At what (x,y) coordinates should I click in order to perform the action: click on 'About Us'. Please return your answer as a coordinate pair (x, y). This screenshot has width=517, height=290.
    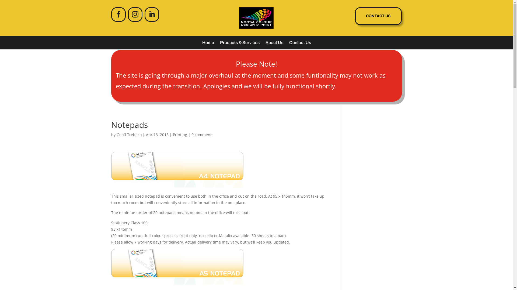
    Looking at the image, I should click on (265, 43).